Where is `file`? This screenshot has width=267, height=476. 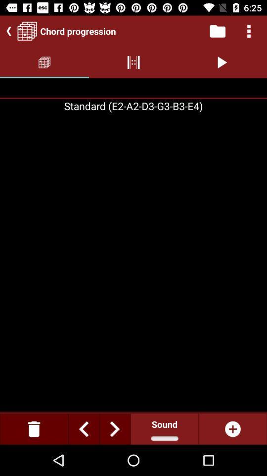 file is located at coordinates (217, 31).